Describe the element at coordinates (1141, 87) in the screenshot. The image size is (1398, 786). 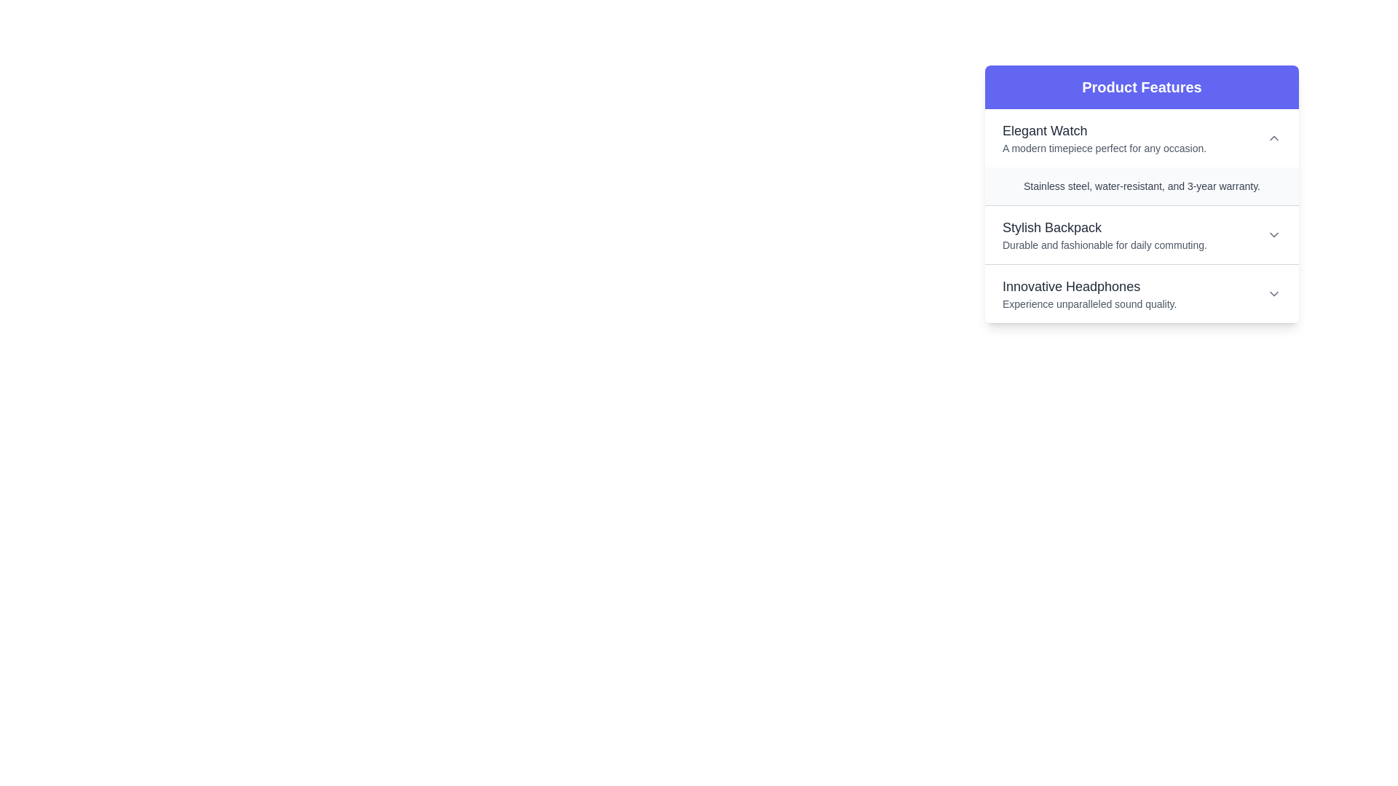
I see `the Text label indicating 'Product Features', which serves as a non-interactive header above the product details list` at that location.